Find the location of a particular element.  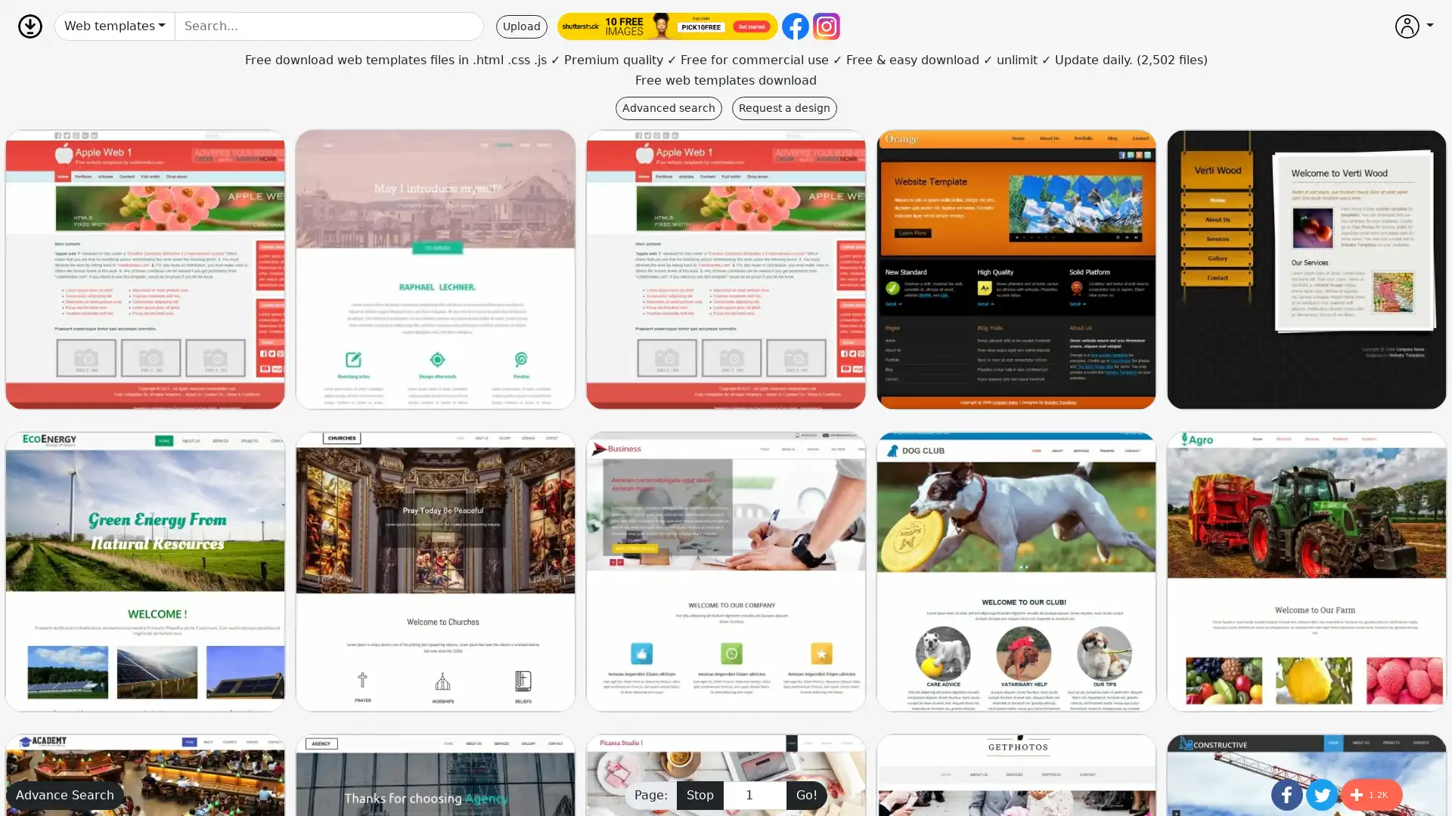

Share to More 1.2K is located at coordinates (1372, 794).